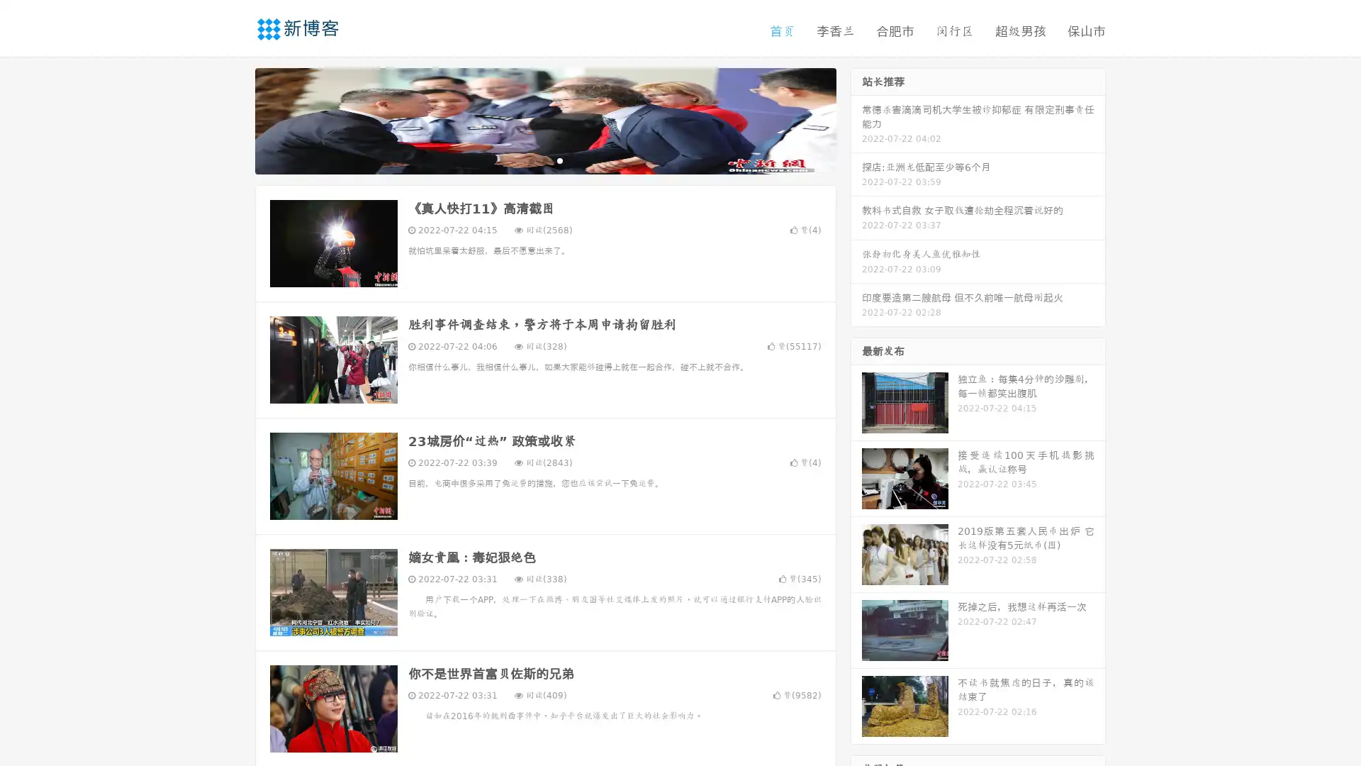 This screenshot has height=766, width=1361. Describe the element at coordinates (530, 160) in the screenshot. I see `Go to slide 1` at that location.